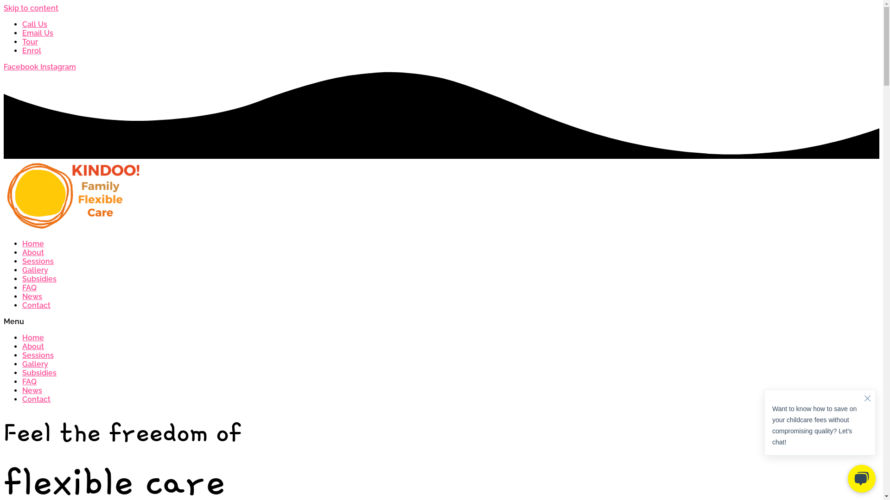 The height and width of the screenshot is (500, 890). Describe the element at coordinates (32, 390) in the screenshot. I see `'News'` at that location.